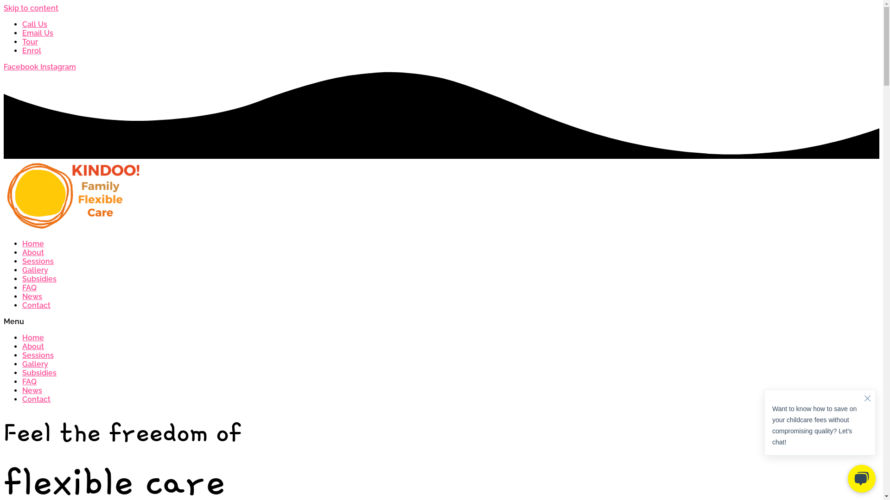 The height and width of the screenshot is (500, 890). Describe the element at coordinates (32, 390) in the screenshot. I see `'News'` at that location.